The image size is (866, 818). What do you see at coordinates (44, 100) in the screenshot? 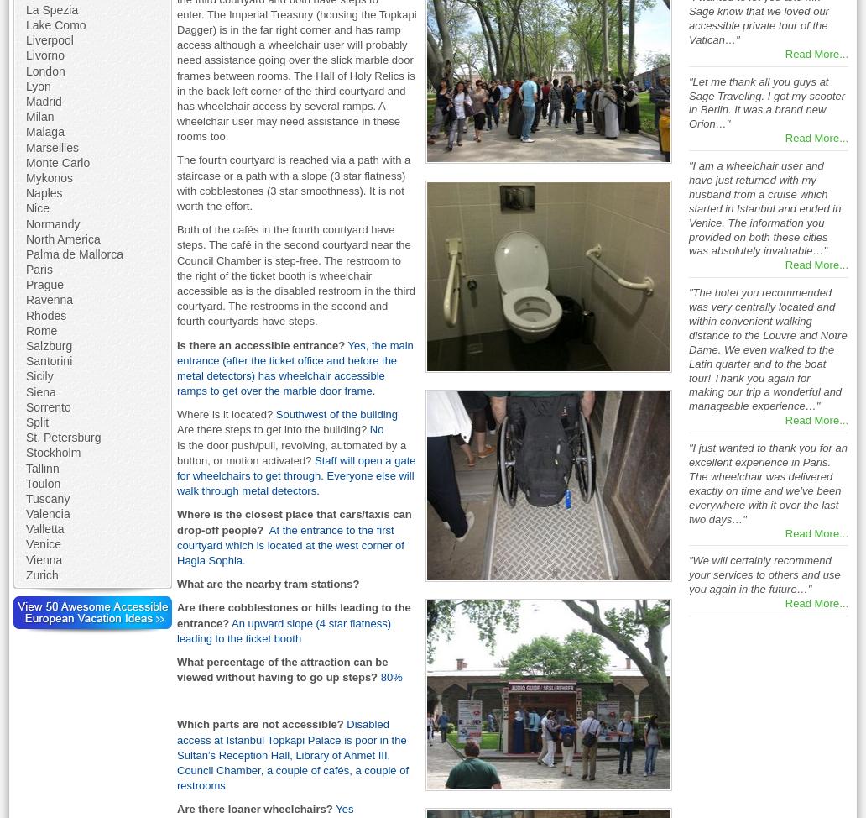
I see `'Madrid'` at bounding box center [44, 100].